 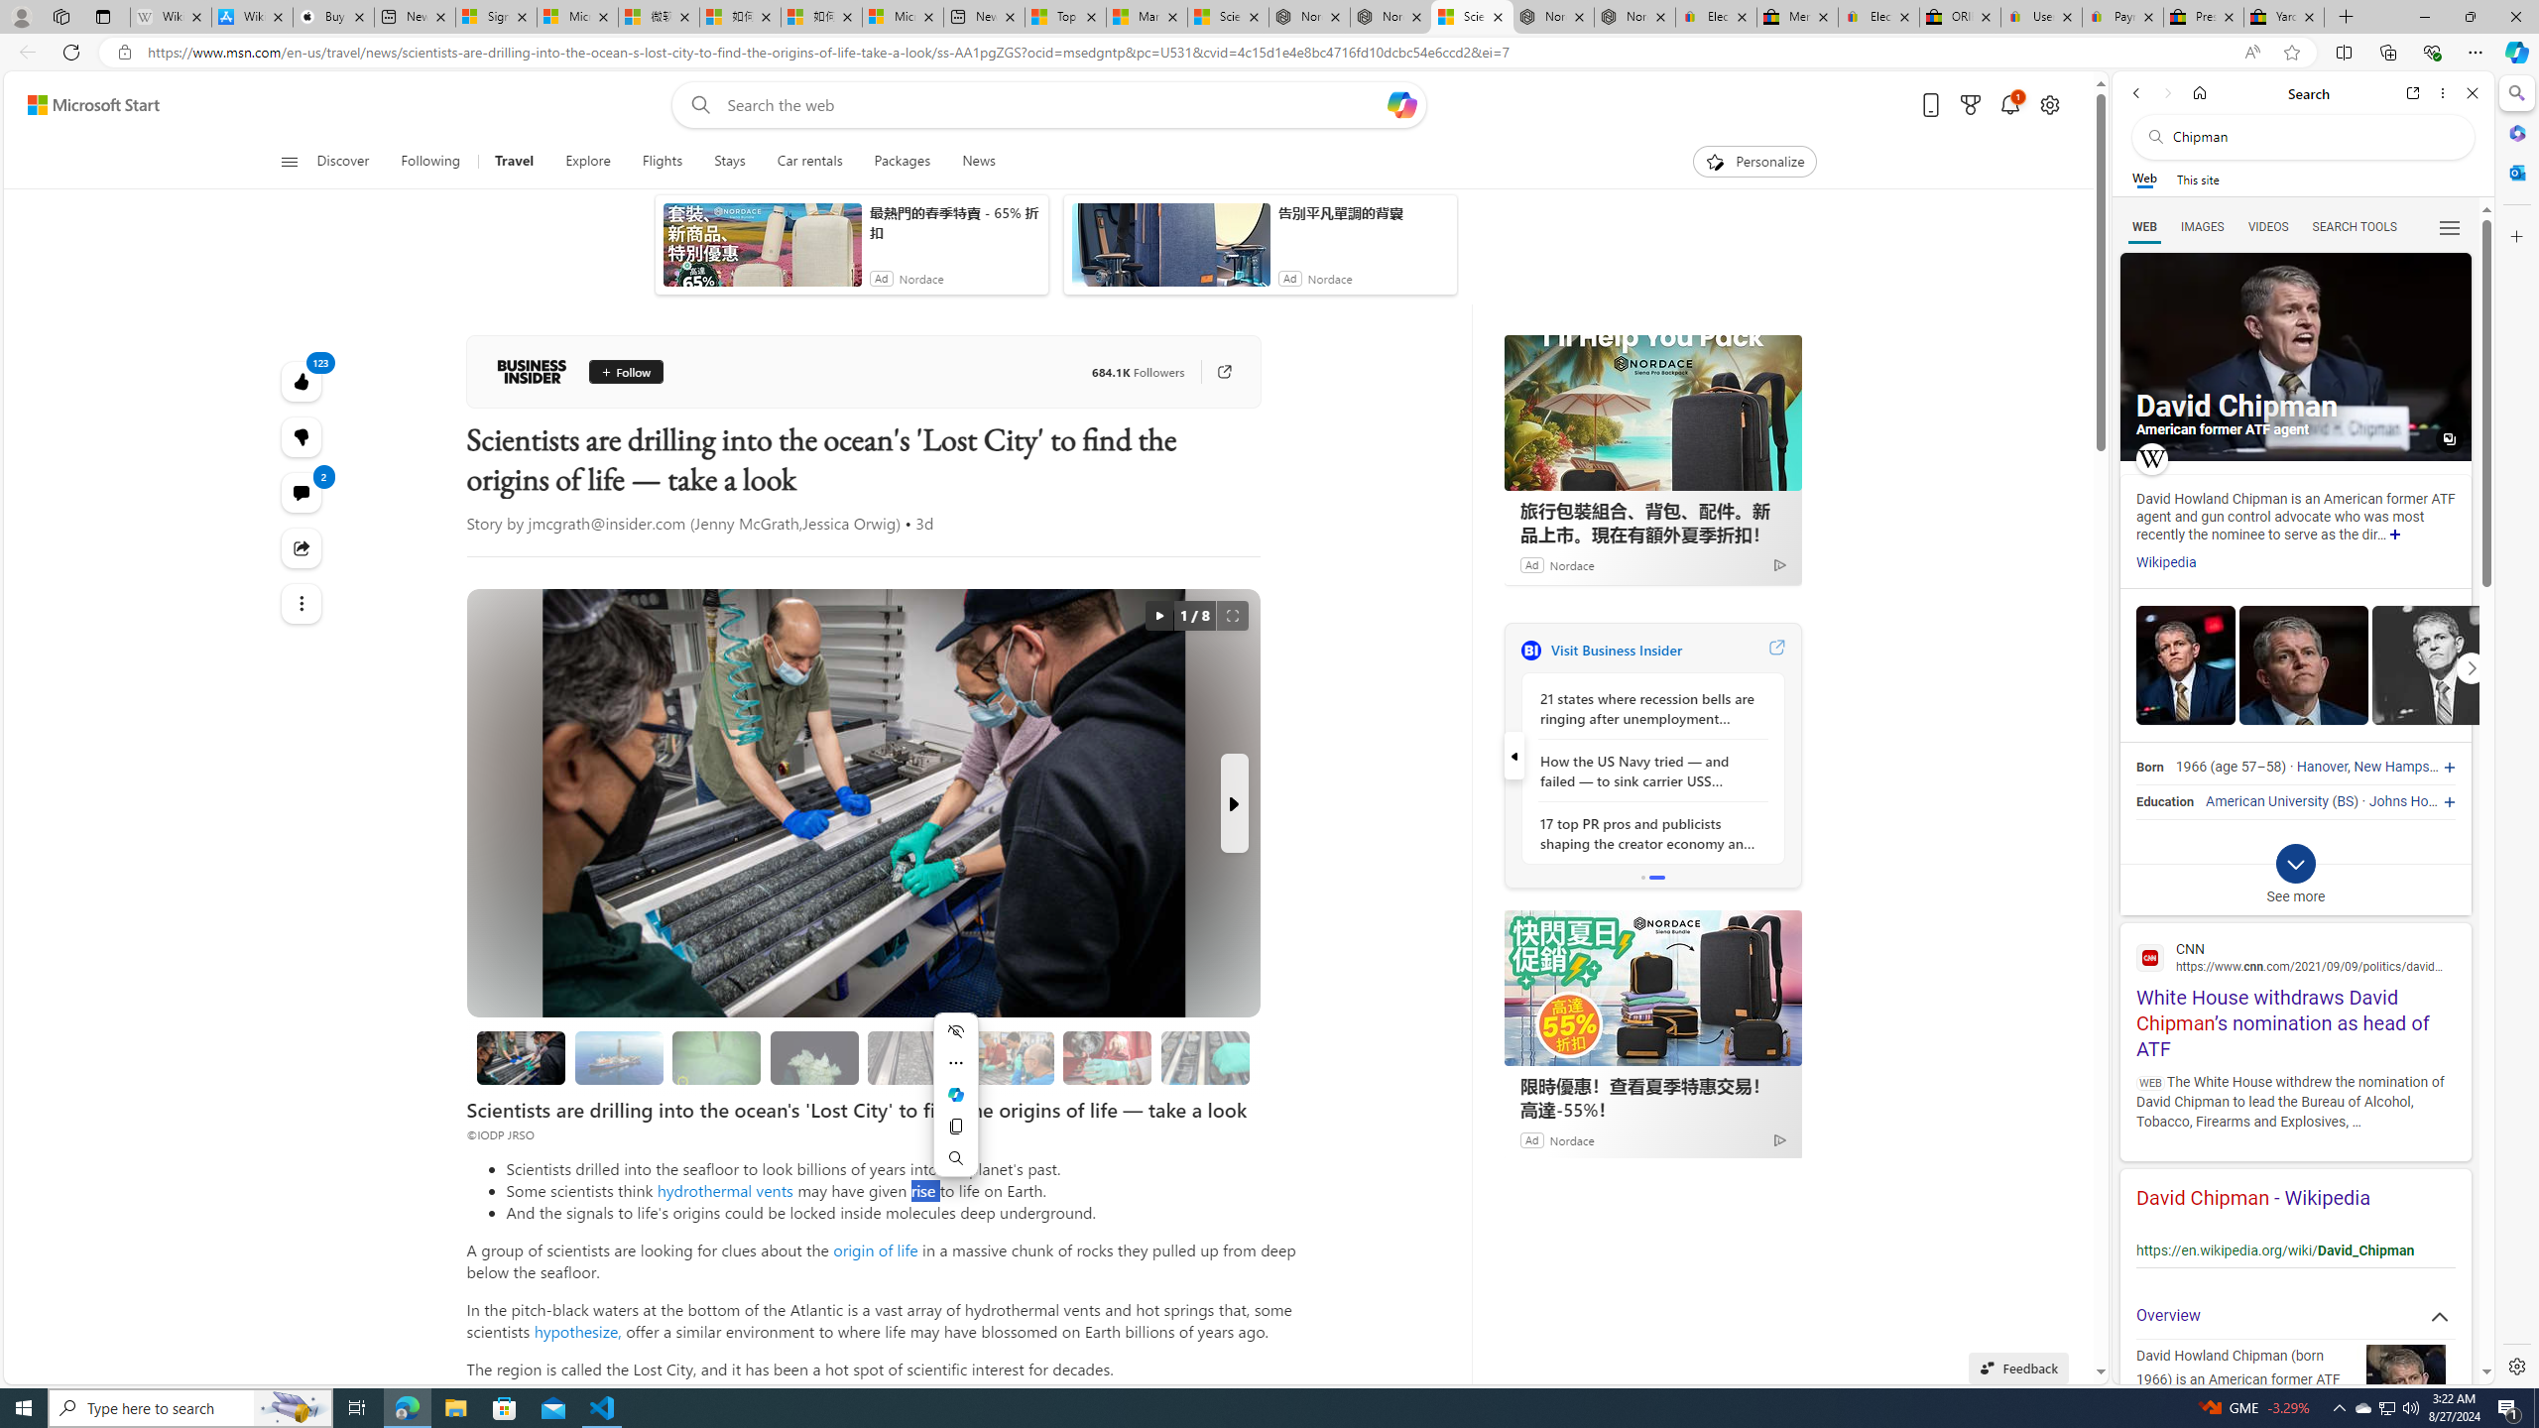 I want to click on 'Search Filter, Search Tools', so click(x=2354, y=225).